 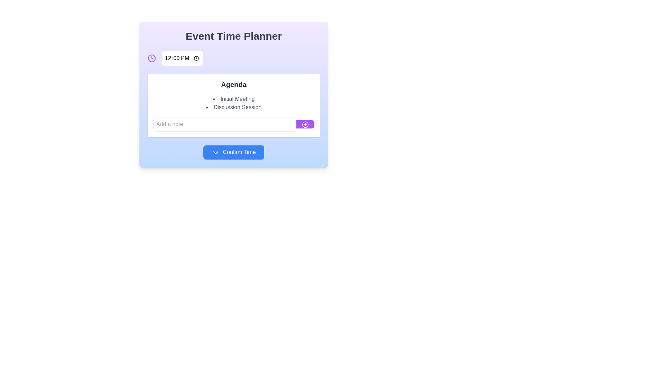 What do you see at coordinates (305, 124) in the screenshot?
I see `the SVG circle element that forms a plus-circle icon located to the right of the text entry box in the agenda section of the event planning interface` at bounding box center [305, 124].